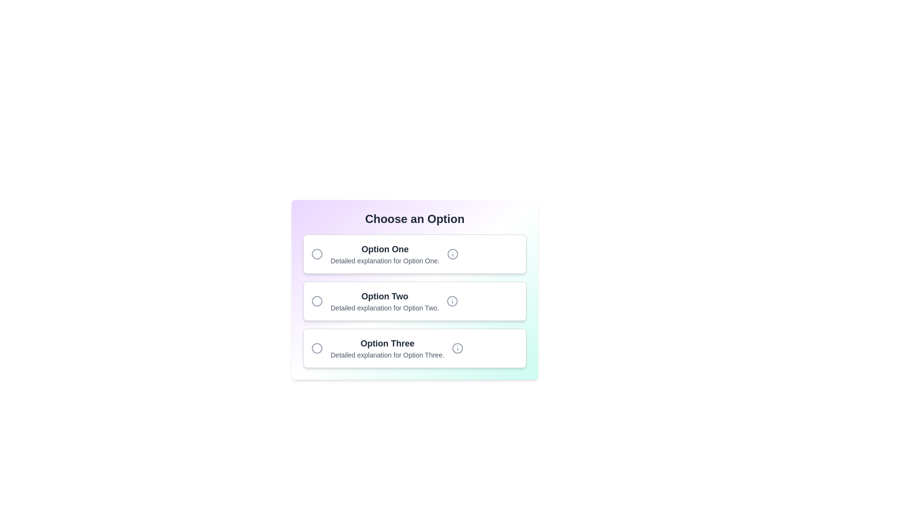  What do you see at coordinates (317, 253) in the screenshot?
I see `the Circular icon element associated with 'Option One' for keyboard interactions` at bounding box center [317, 253].